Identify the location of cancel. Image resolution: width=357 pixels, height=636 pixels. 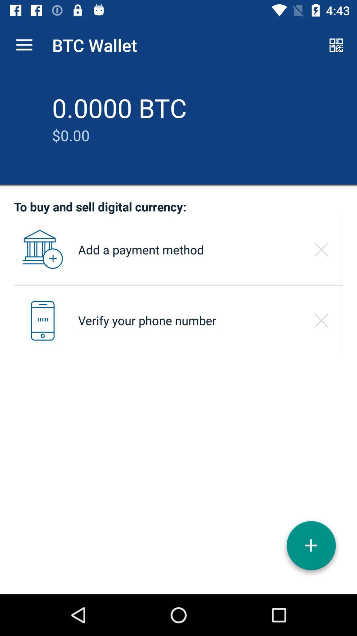
(321, 249).